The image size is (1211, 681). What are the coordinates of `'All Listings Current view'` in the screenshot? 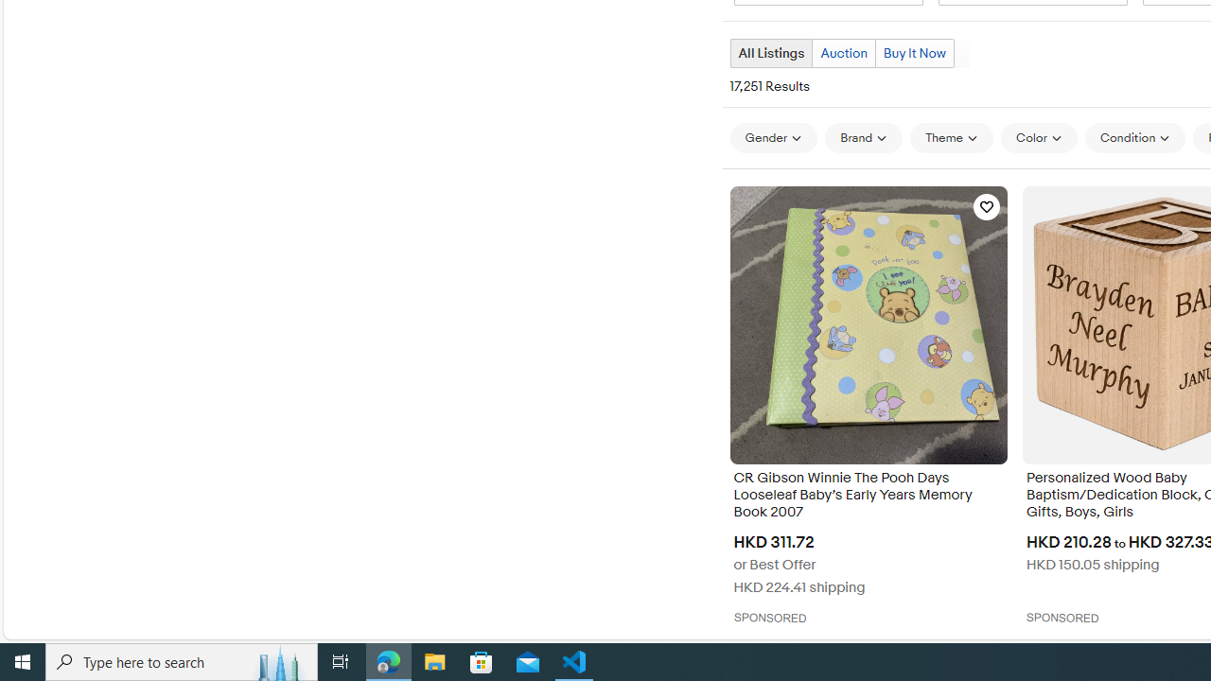 It's located at (771, 52).